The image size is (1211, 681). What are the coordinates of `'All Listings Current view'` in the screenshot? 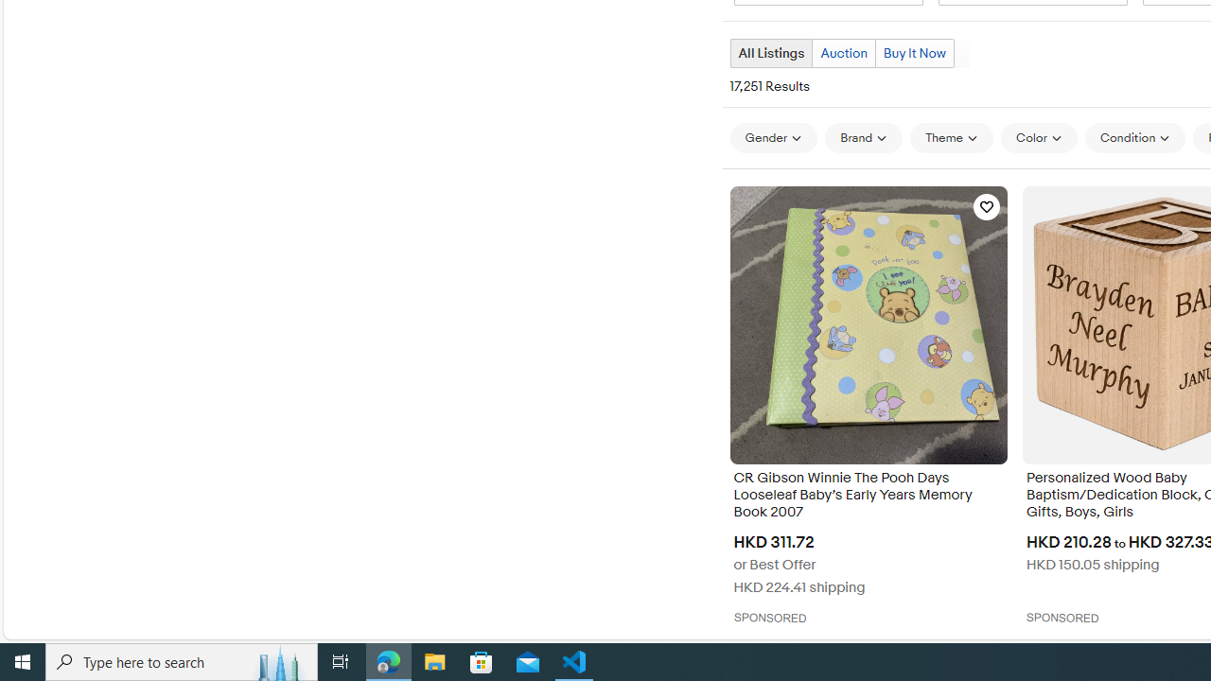 It's located at (771, 52).